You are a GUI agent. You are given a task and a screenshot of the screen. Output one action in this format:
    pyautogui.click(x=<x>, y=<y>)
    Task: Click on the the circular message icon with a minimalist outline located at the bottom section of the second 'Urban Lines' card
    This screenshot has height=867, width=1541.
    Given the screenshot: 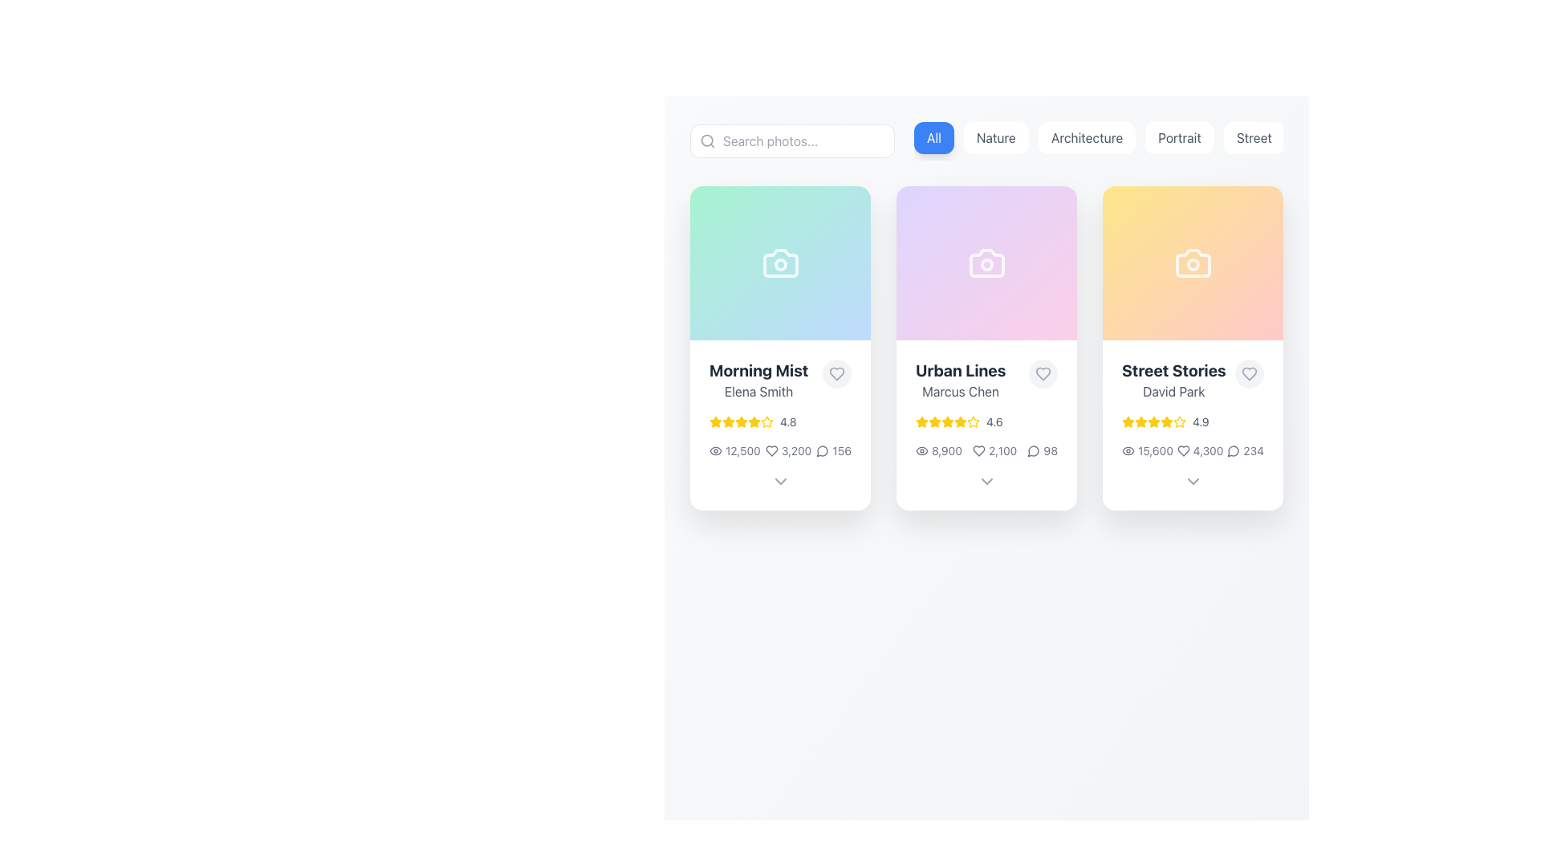 What is the action you would take?
    pyautogui.click(x=823, y=451)
    